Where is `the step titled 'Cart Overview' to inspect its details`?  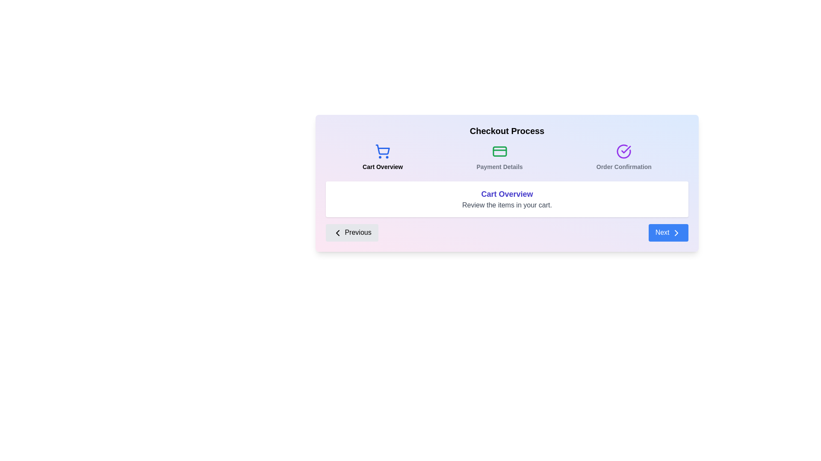
the step titled 'Cart Overview' to inspect its details is located at coordinates (382, 158).